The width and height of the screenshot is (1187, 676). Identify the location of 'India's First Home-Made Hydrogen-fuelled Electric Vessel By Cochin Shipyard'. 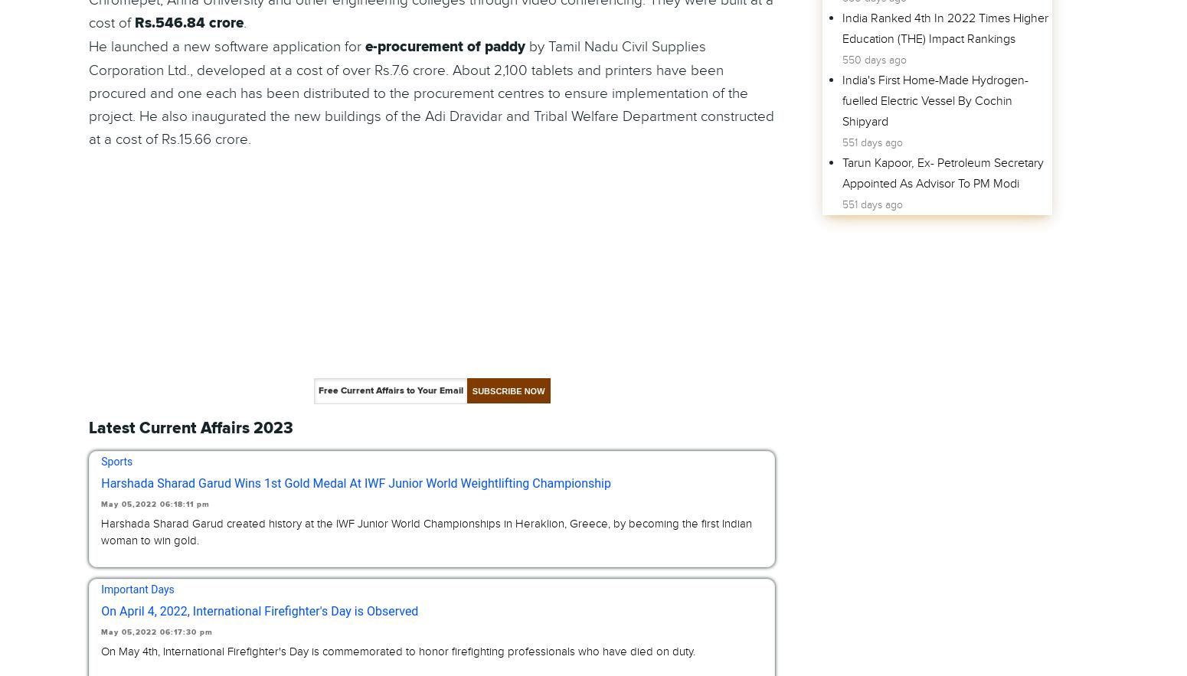
(934, 100).